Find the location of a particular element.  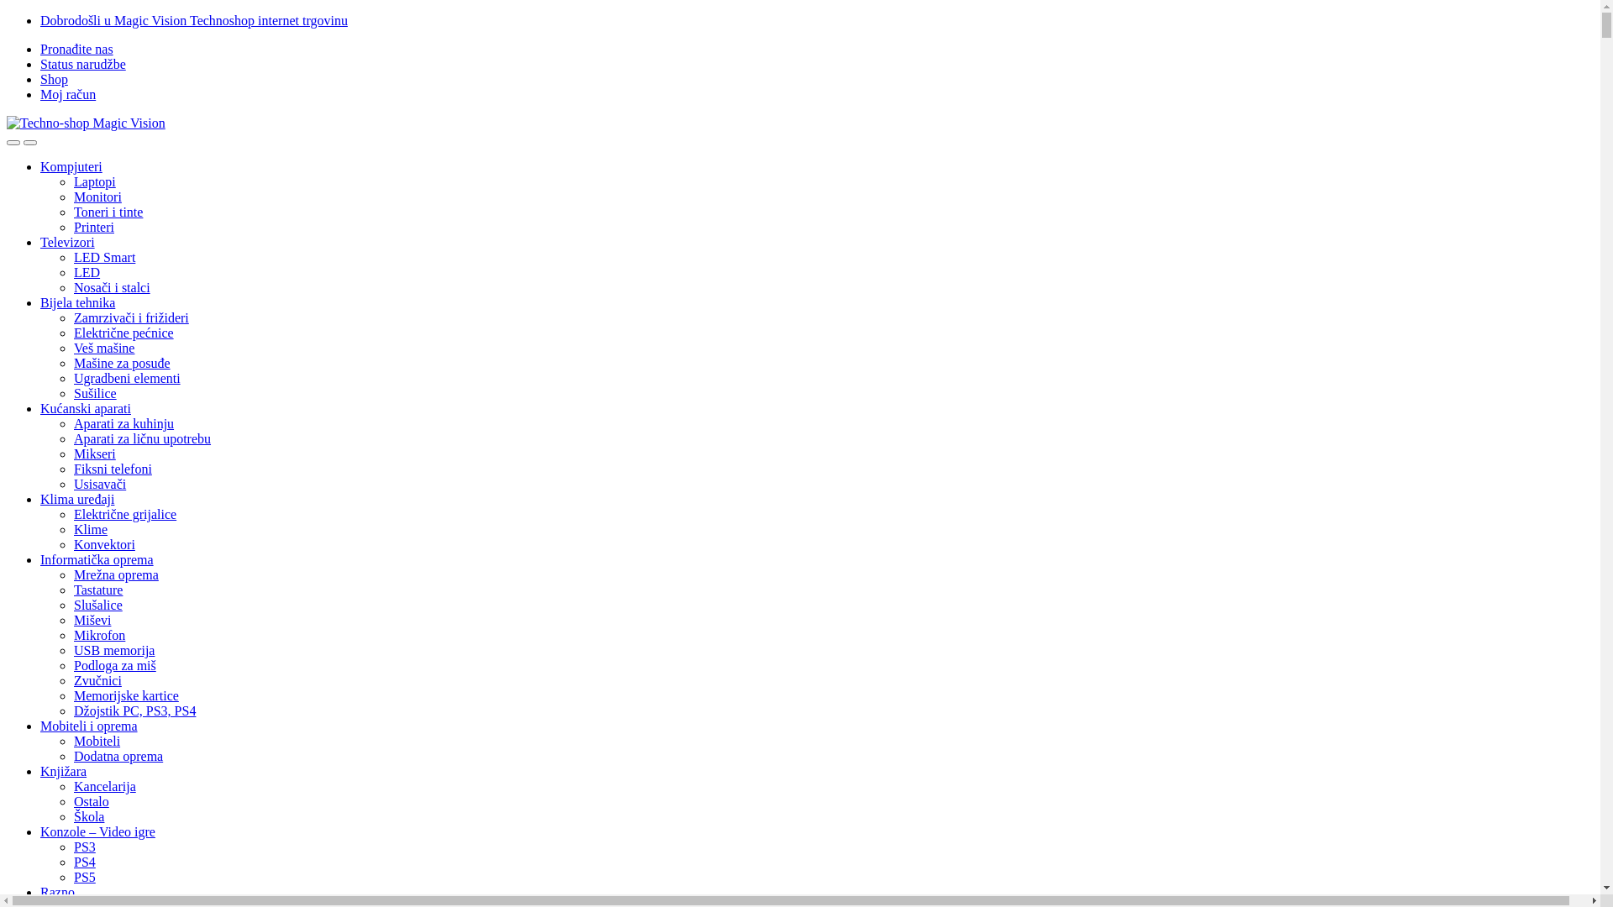

'Skip to navigation' is located at coordinates (5, 13).